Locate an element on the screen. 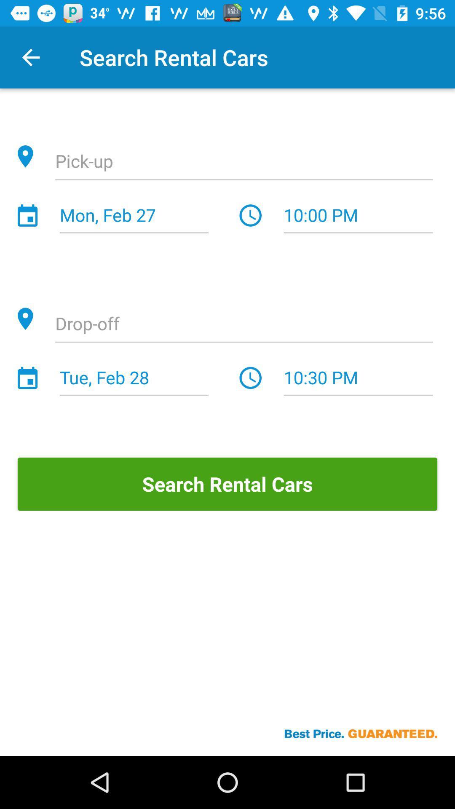  the item next to the search rental cars icon is located at coordinates (30, 57).